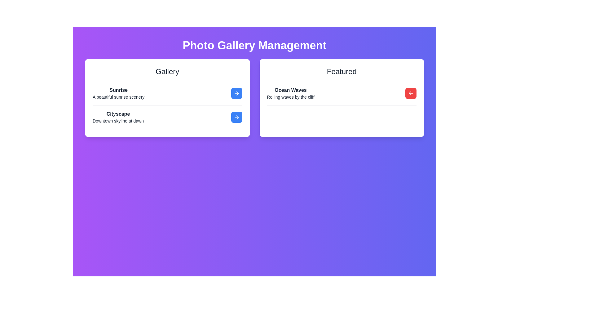 The width and height of the screenshot is (595, 335). What do you see at coordinates (236, 93) in the screenshot?
I see `the rightmost button in the upper-left card of the 'Gallery' section` at bounding box center [236, 93].